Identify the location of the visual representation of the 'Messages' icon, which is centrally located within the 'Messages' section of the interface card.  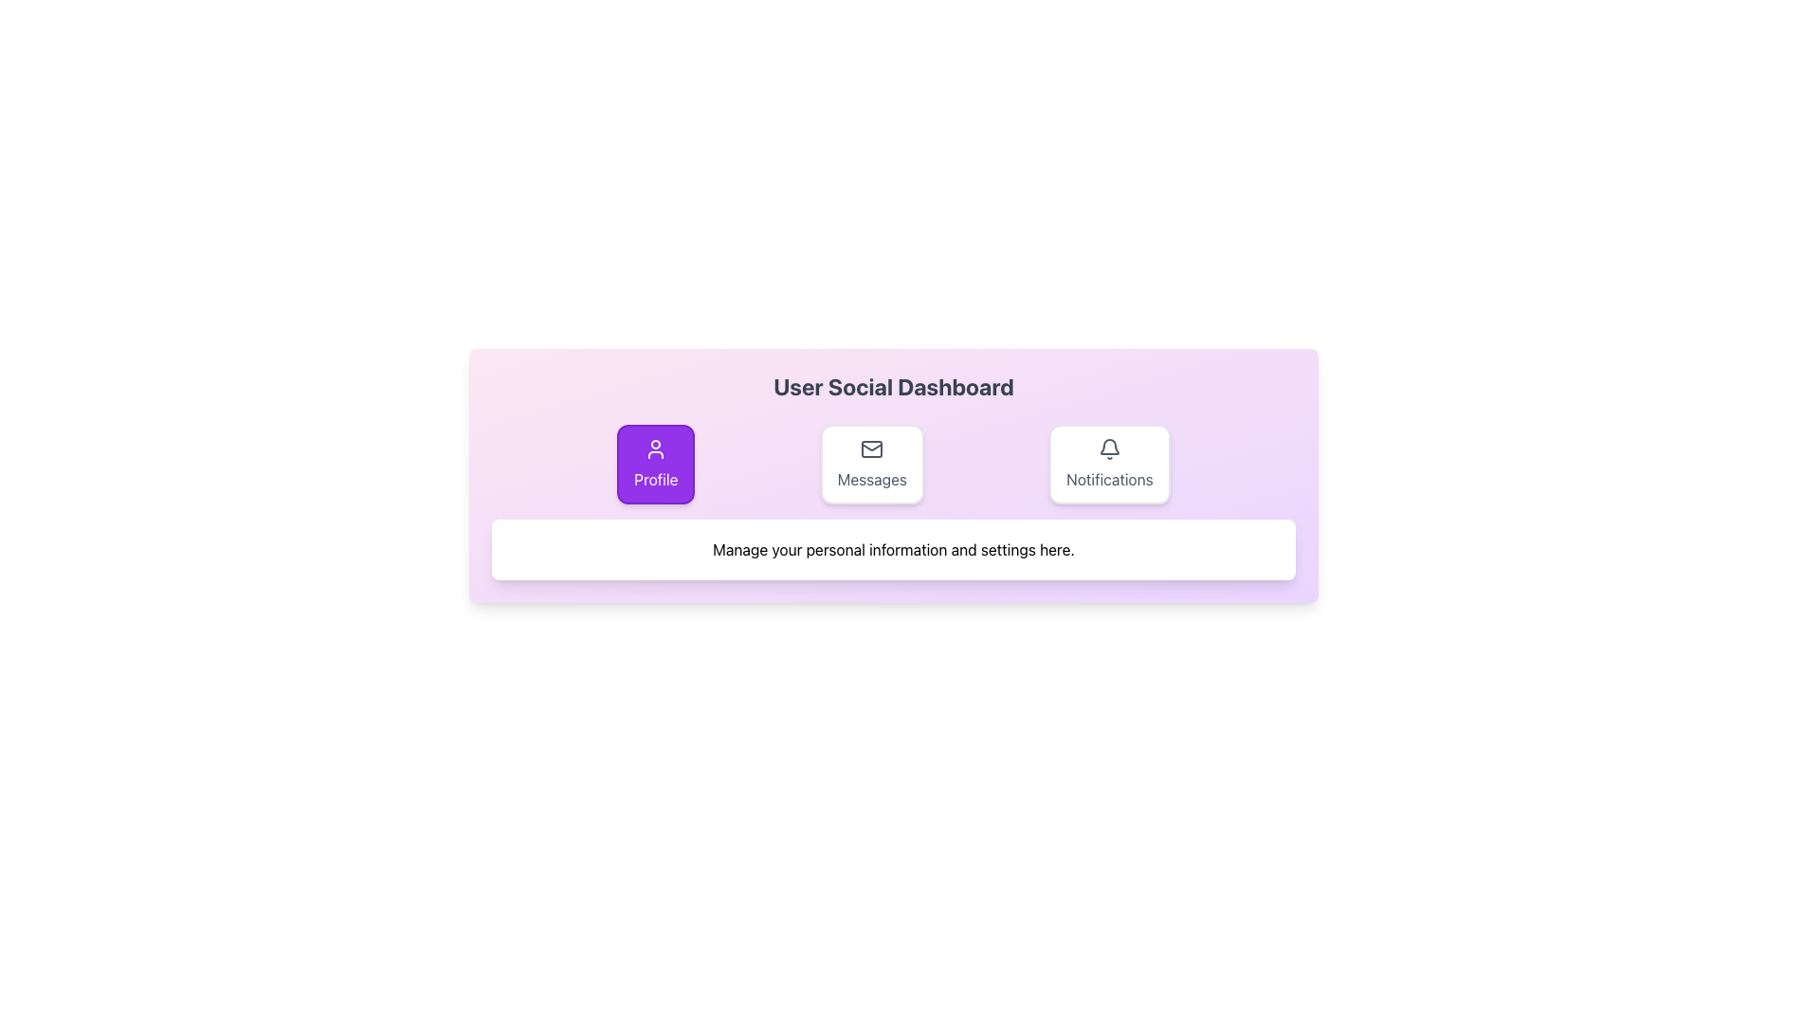
(871, 449).